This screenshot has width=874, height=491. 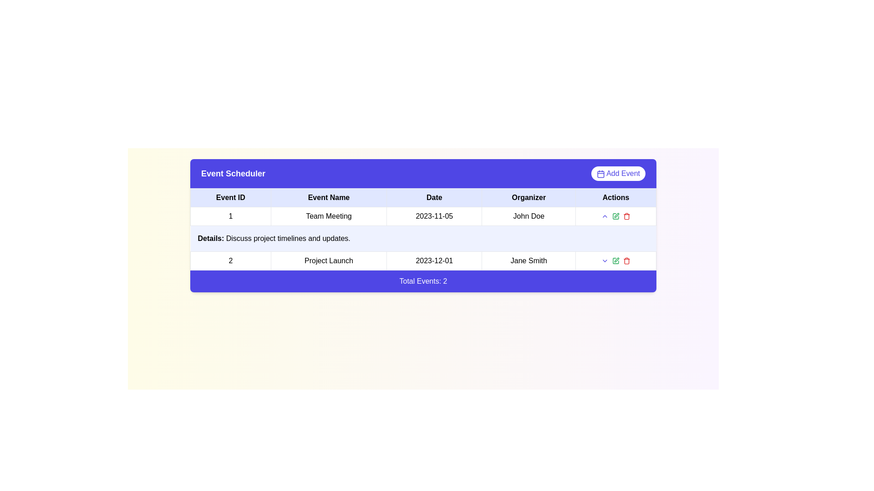 What do you see at coordinates (600, 174) in the screenshot?
I see `the small rectangular decorative element inside the calendar icon located in the top-right corner of the interface` at bounding box center [600, 174].